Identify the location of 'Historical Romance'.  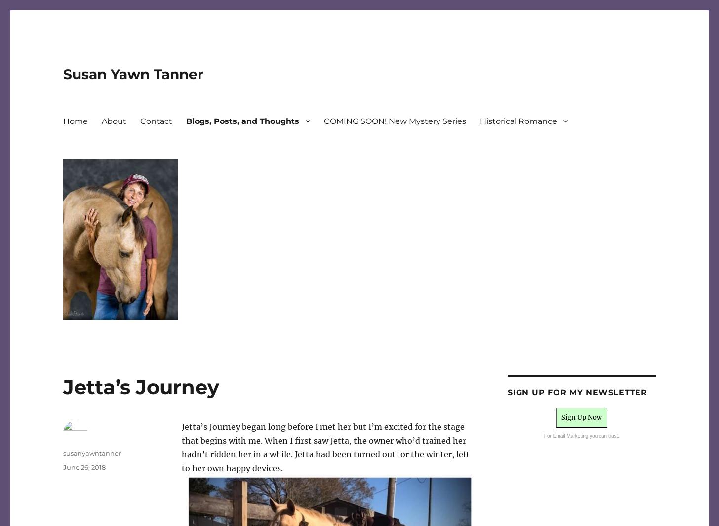
(519, 120).